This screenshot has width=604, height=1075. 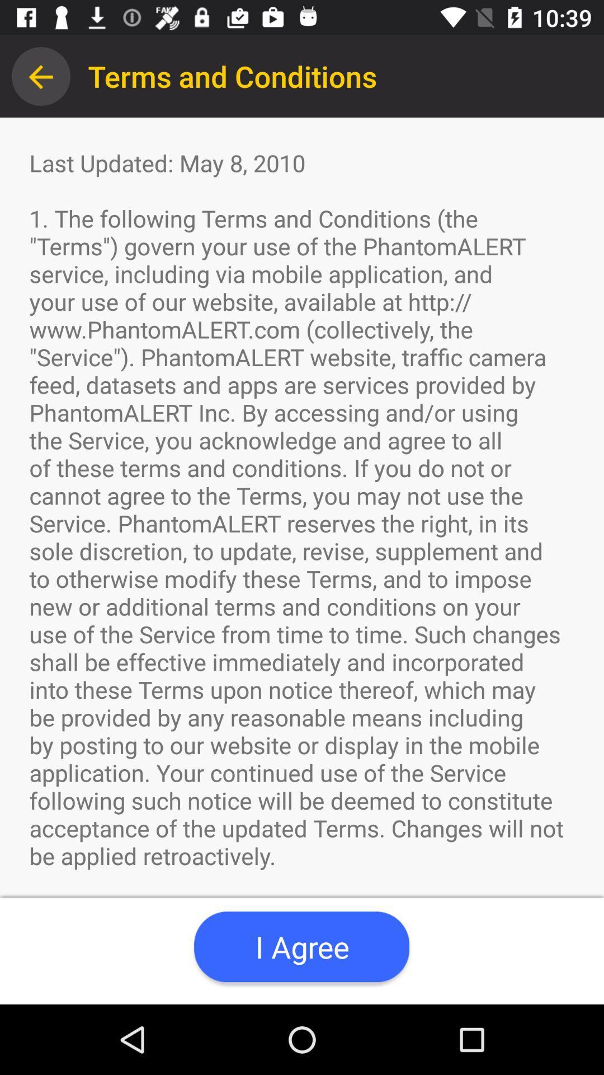 What do you see at coordinates (301, 946) in the screenshot?
I see `i agree icon` at bounding box center [301, 946].